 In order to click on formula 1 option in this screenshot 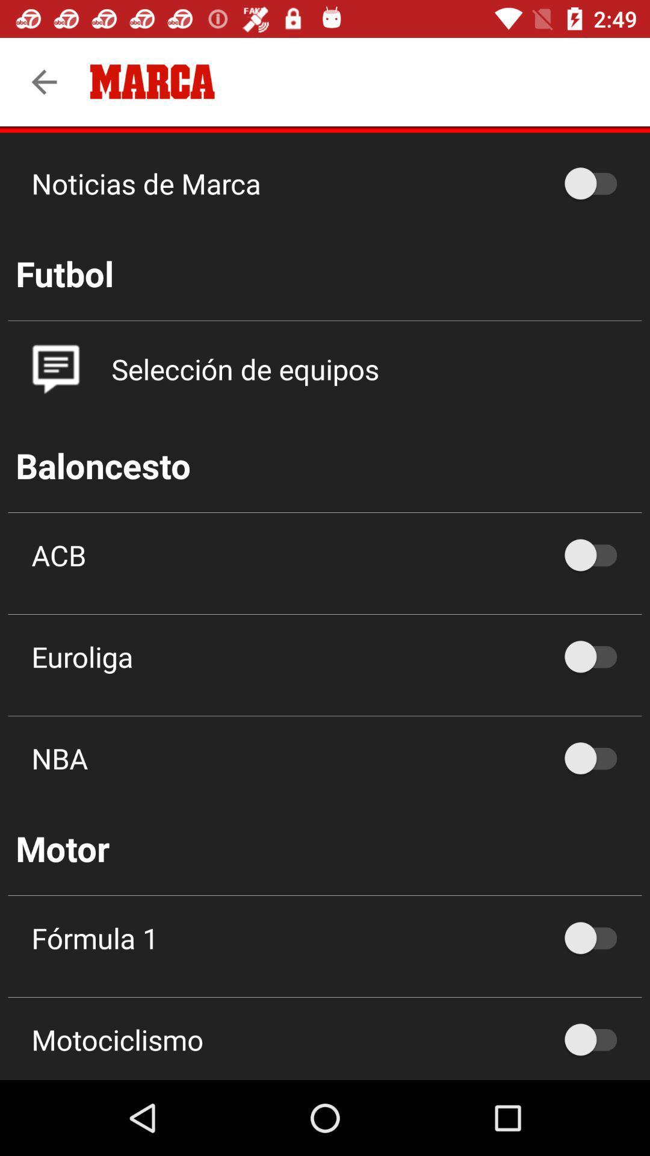, I will do `click(596, 937)`.